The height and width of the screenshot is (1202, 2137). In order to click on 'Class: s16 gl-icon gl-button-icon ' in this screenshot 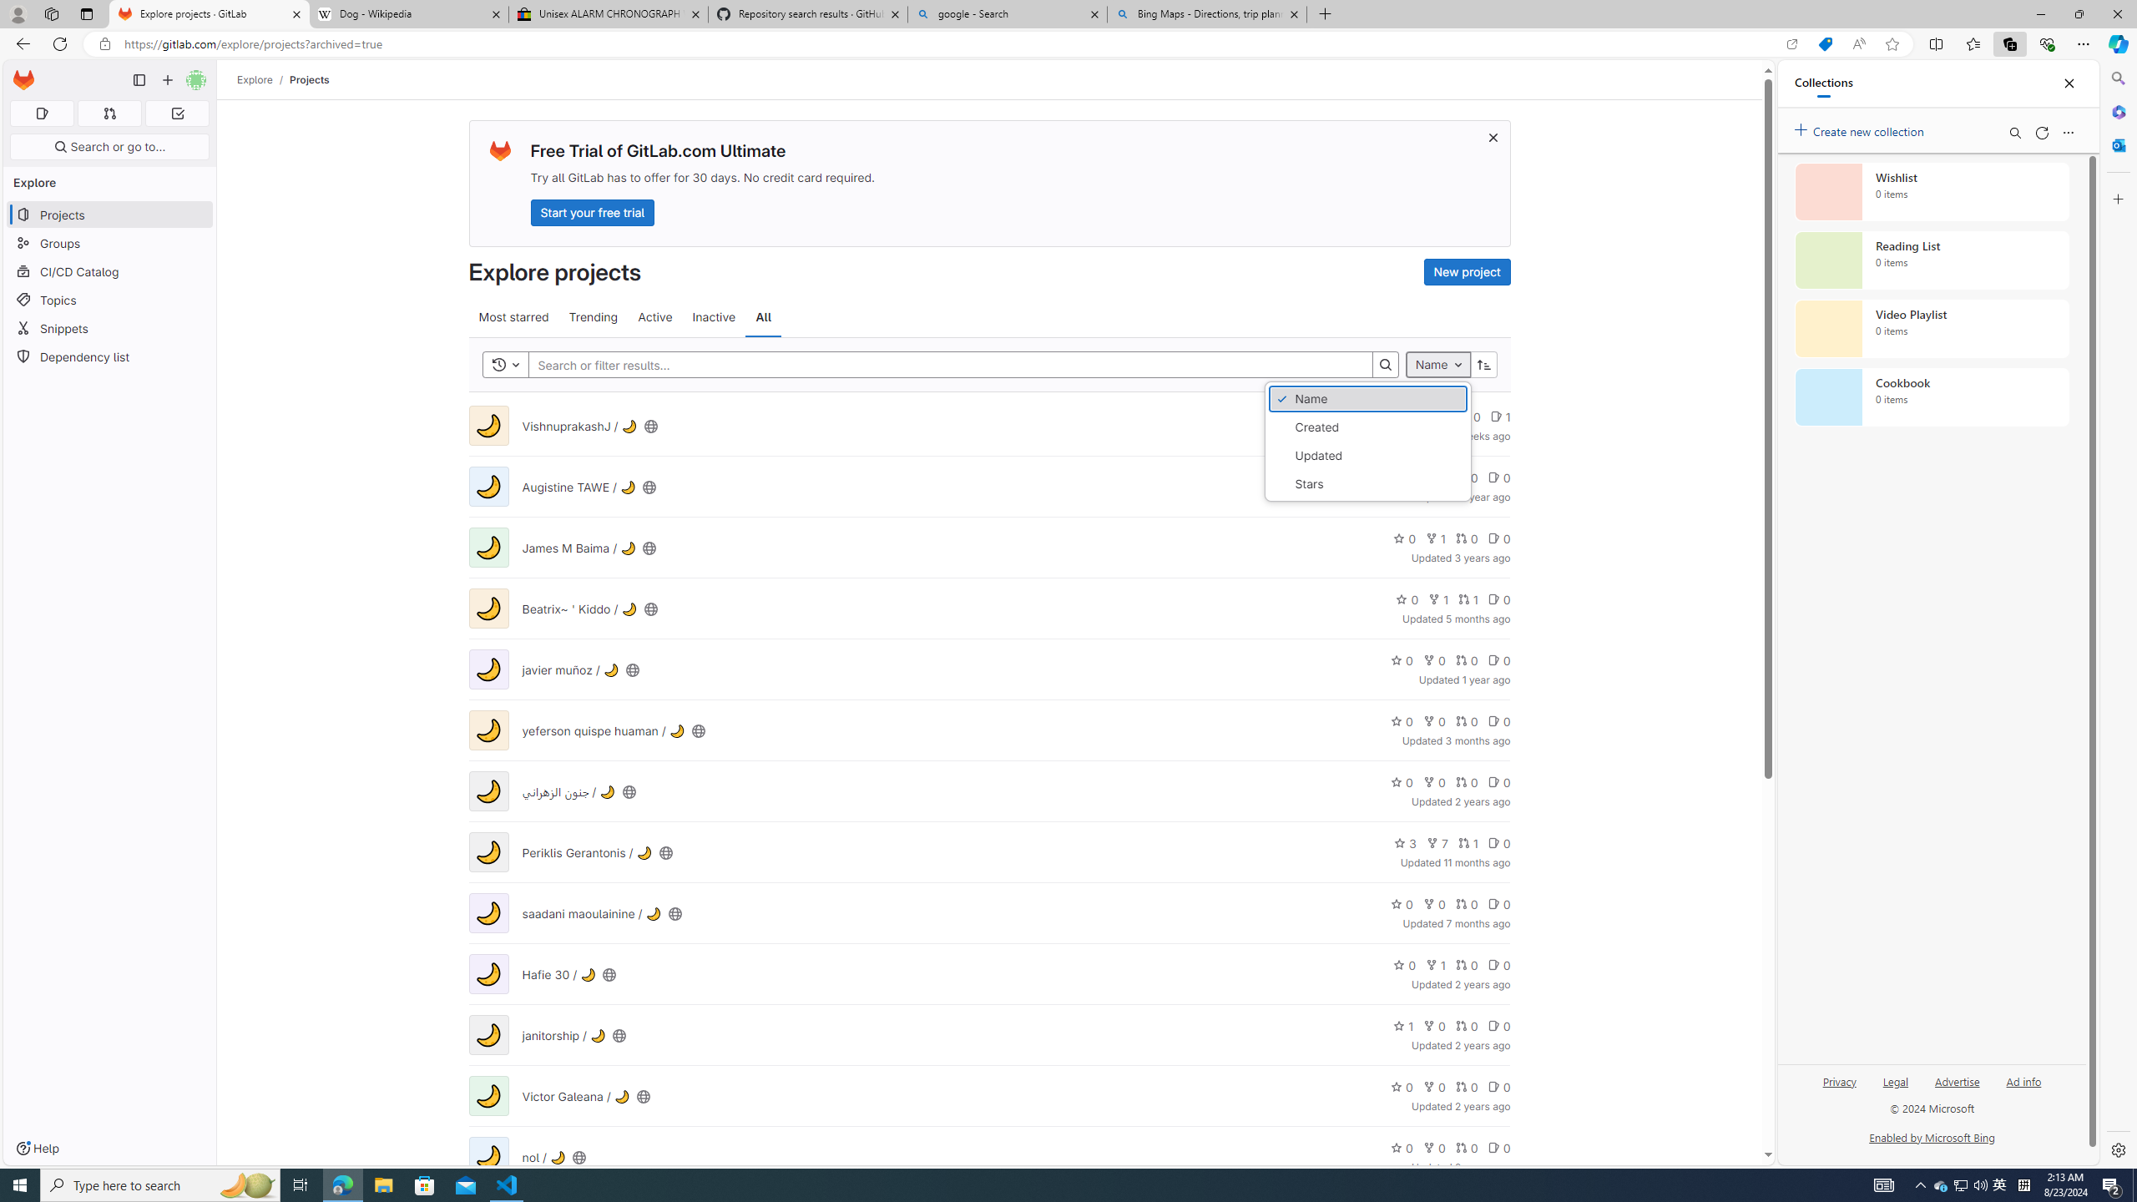, I will do `click(1492, 137)`.